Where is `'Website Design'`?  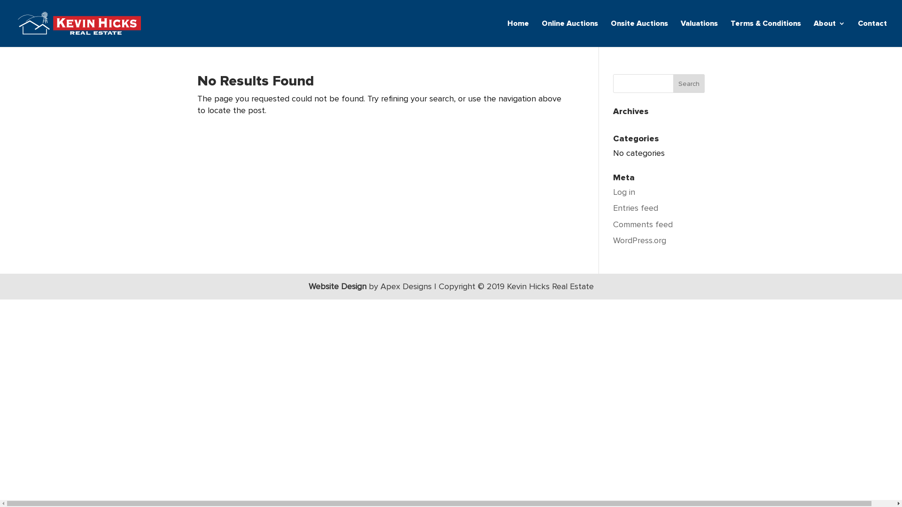 'Website Design' is located at coordinates (338, 285).